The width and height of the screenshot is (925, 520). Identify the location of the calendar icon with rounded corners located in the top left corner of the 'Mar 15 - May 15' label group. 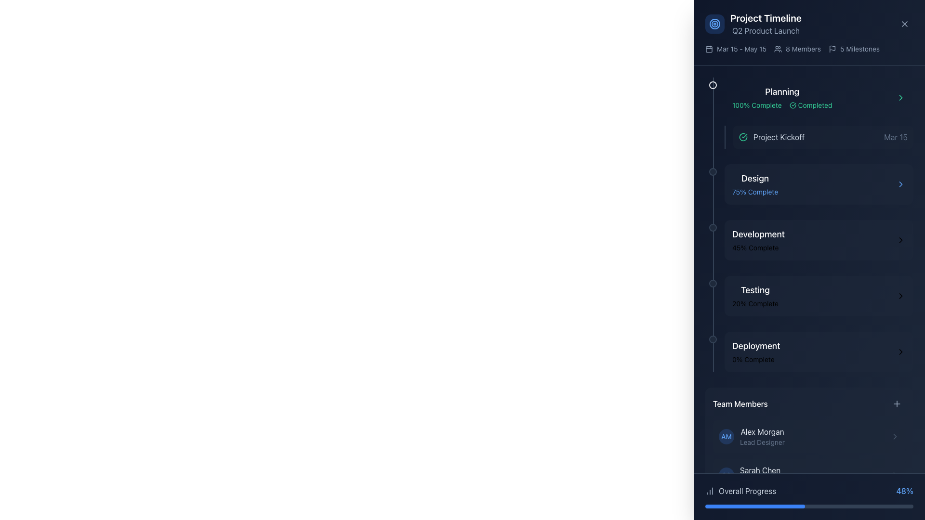
(709, 49).